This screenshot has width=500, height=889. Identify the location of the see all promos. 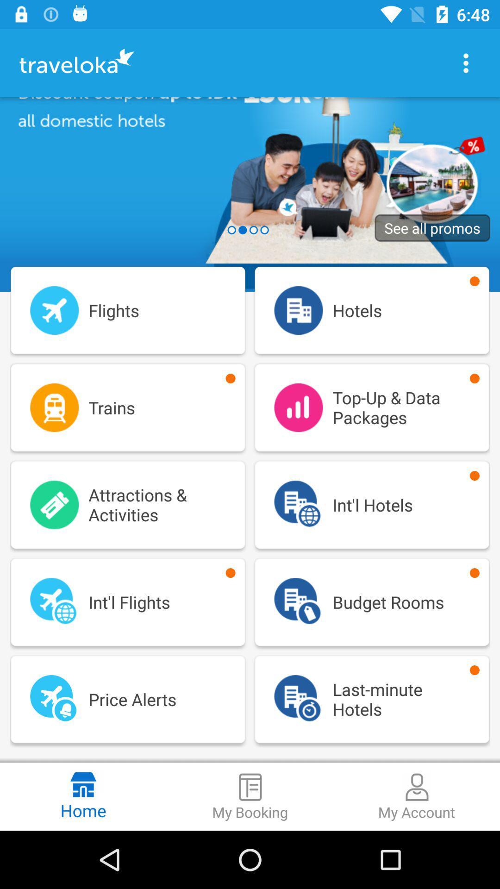
(432, 228).